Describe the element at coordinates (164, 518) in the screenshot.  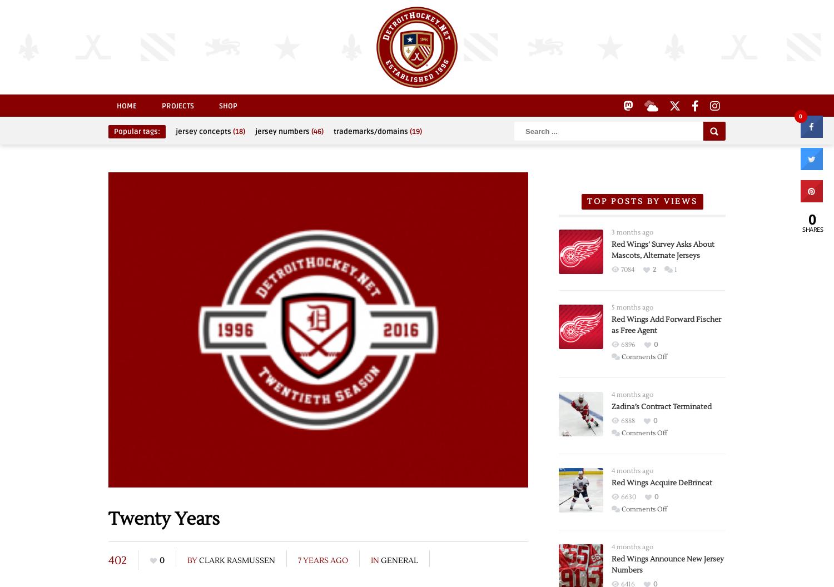
I see `'Twenty Years'` at that location.